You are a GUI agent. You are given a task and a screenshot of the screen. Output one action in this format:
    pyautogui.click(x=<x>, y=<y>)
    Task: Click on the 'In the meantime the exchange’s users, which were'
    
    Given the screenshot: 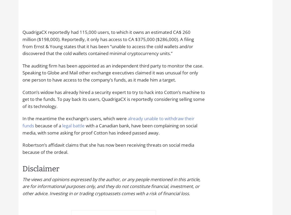 What is the action you would take?
    pyautogui.click(x=75, y=118)
    